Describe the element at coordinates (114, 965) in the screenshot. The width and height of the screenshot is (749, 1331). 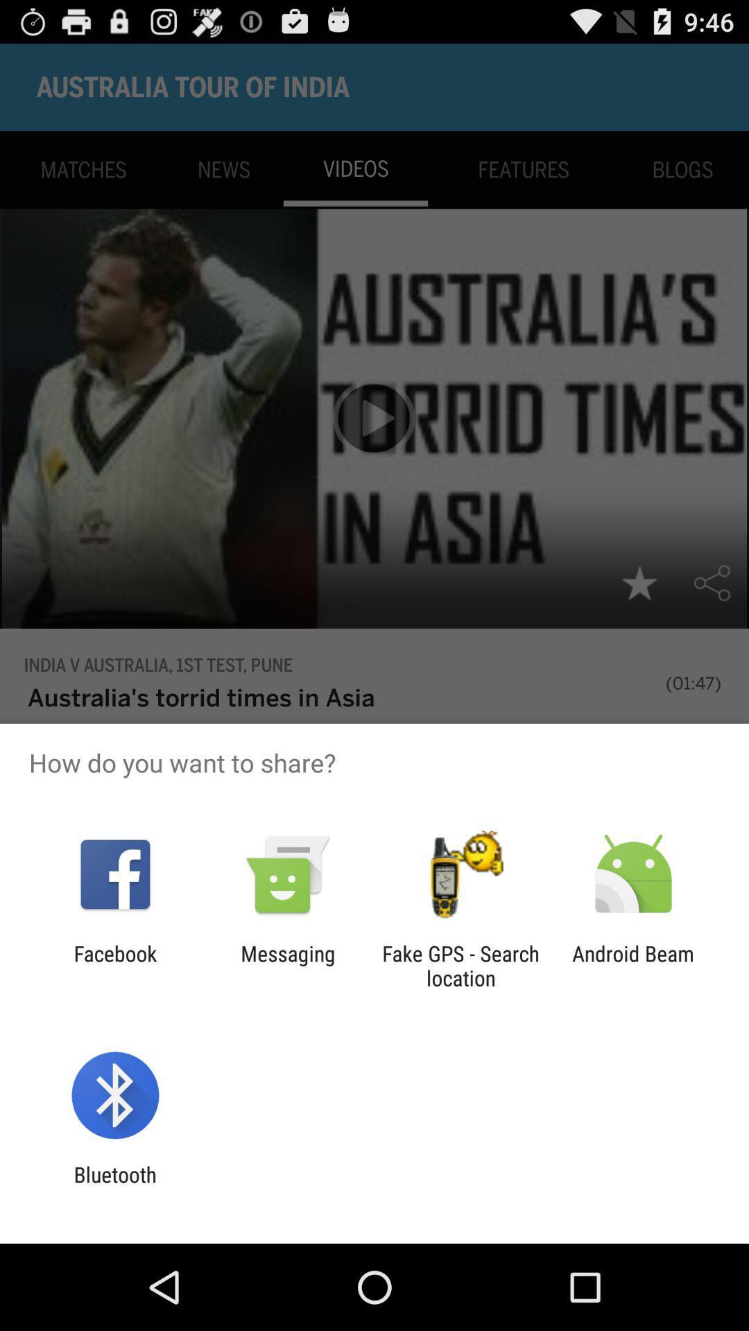
I see `facebook` at that location.